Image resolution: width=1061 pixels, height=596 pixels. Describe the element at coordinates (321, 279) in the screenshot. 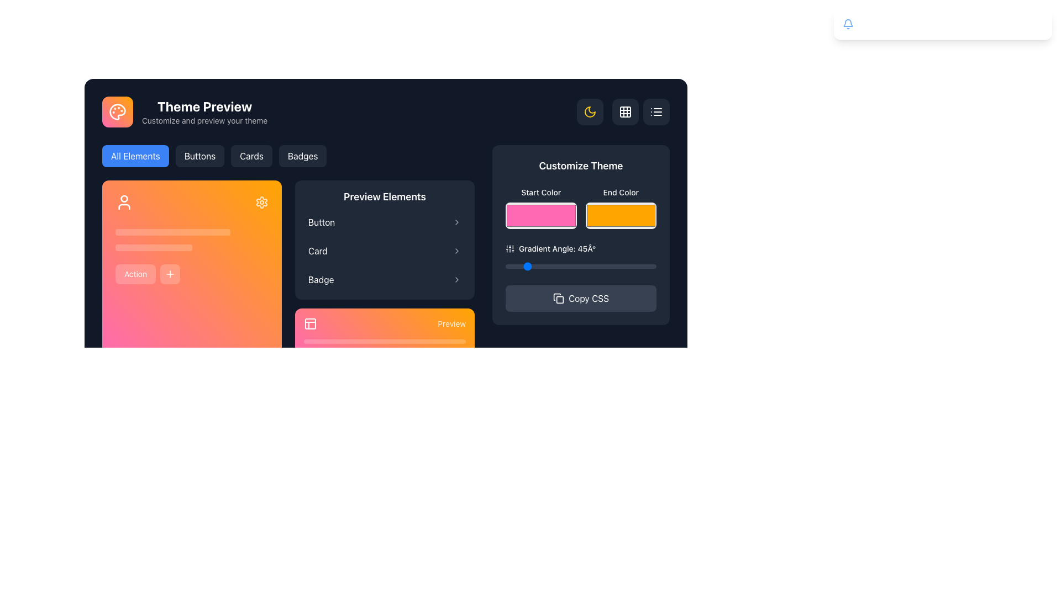

I see `the Text label that indicates an option in the 'Preview Elements' section, located as the third item in the vertical list below the 'Button' and 'Card' options` at that location.